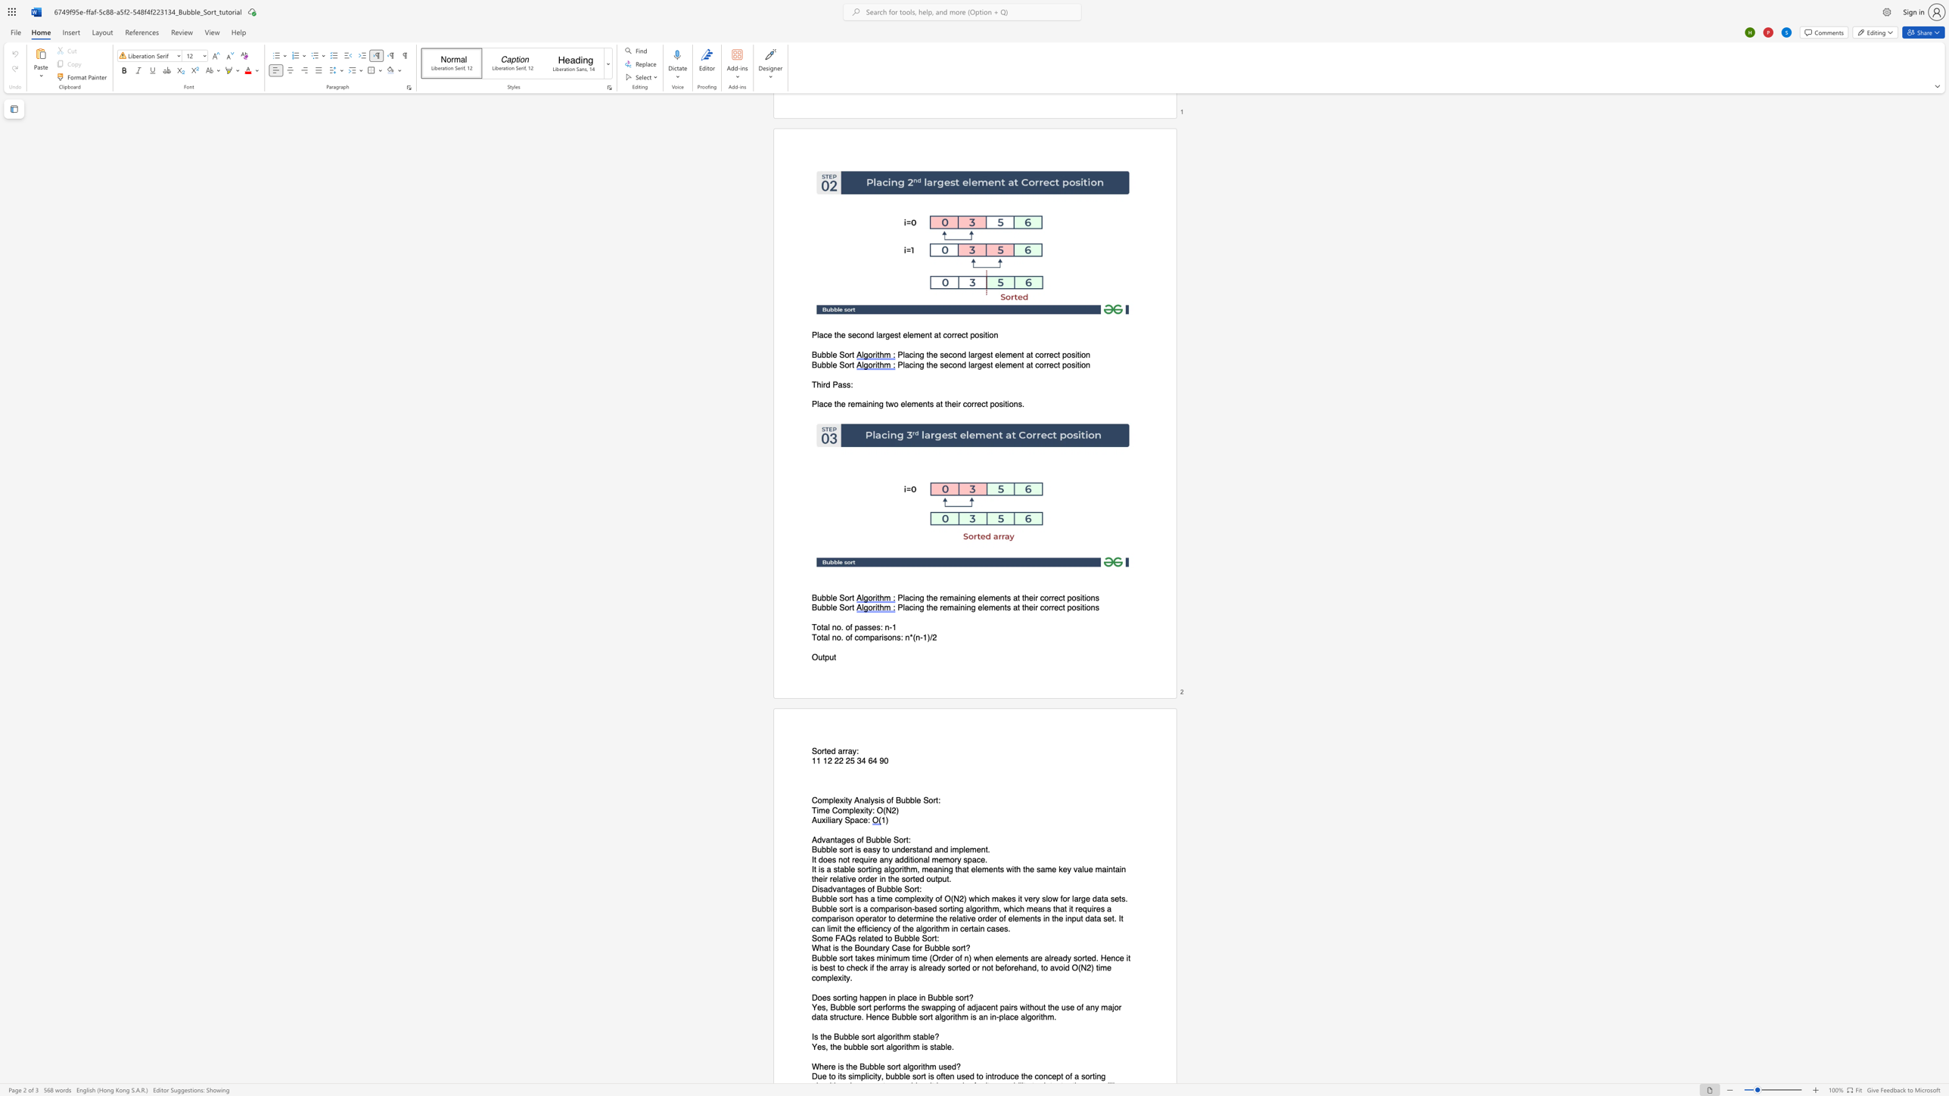 The height and width of the screenshot is (1096, 1949). What do you see at coordinates (872, 760) in the screenshot?
I see `the space between the continuous character "6" and "4" in the text` at bounding box center [872, 760].